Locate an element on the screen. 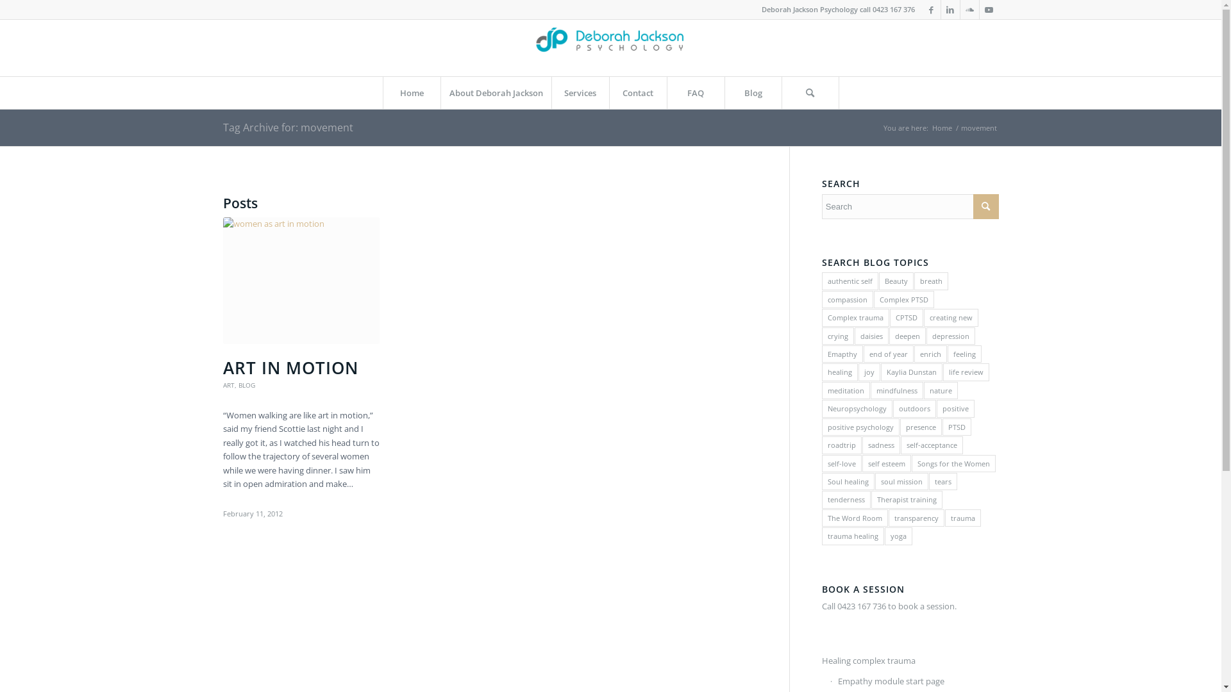 The width and height of the screenshot is (1231, 692). 'life review' is located at coordinates (966, 372).